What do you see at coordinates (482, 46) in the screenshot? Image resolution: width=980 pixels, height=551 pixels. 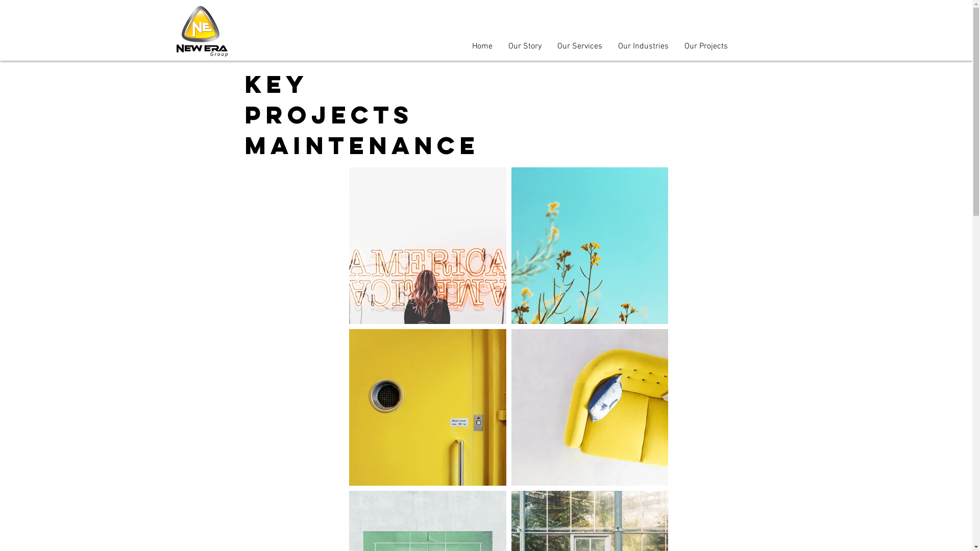 I see `'Home'` at bounding box center [482, 46].